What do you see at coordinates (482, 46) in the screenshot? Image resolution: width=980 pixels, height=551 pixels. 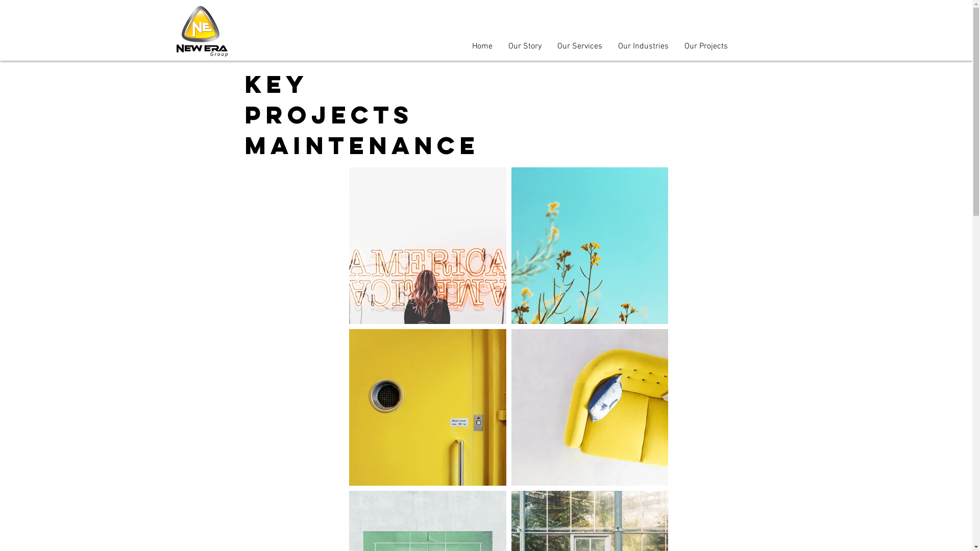 I see `'Home'` at bounding box center [482, 46].